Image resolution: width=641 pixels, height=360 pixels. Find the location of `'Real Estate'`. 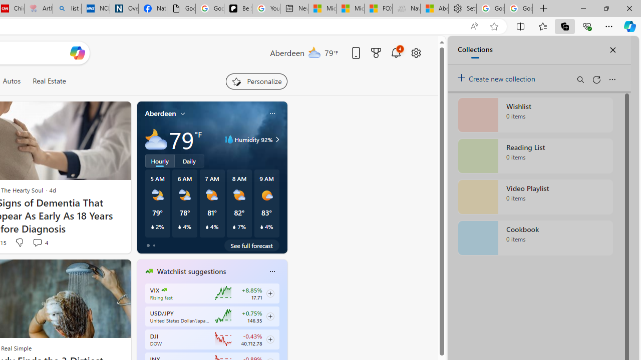

'Real Estate' is located at coordinates (49, 80).